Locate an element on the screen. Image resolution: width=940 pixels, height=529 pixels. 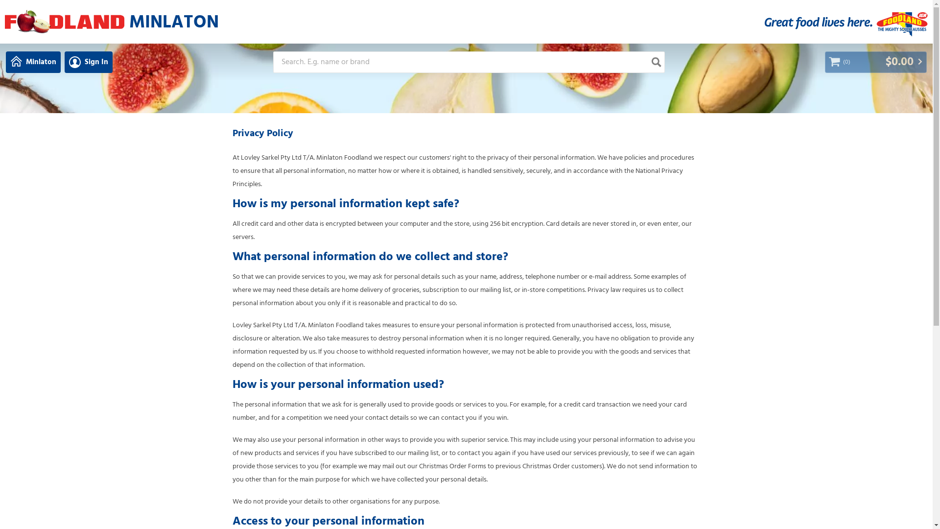
'Minlaton' is located at coordinates (33, 62).